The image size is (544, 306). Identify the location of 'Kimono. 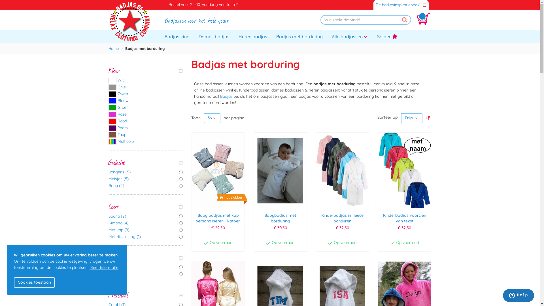
(108, 223).